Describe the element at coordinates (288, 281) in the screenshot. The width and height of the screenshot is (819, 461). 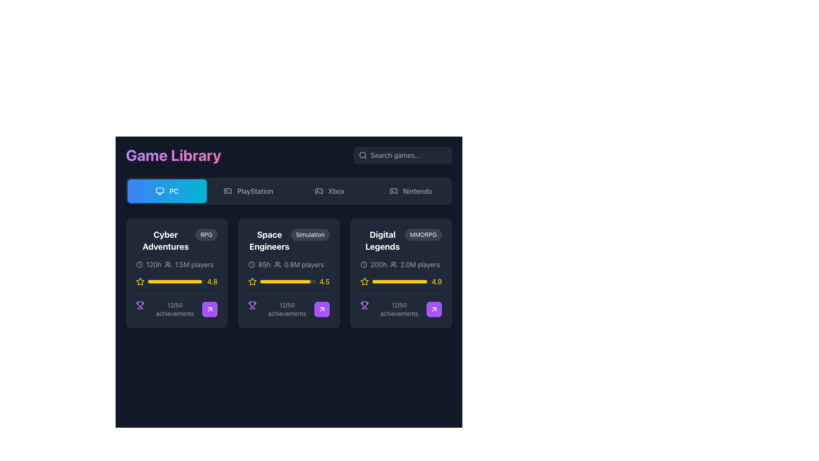
I see `the progress bar that visually indicates a rating of 4.5 for a game, located in the middle card of the game library interface, positioned between a yellow star icon and the numerical score '4.5'` at that location.